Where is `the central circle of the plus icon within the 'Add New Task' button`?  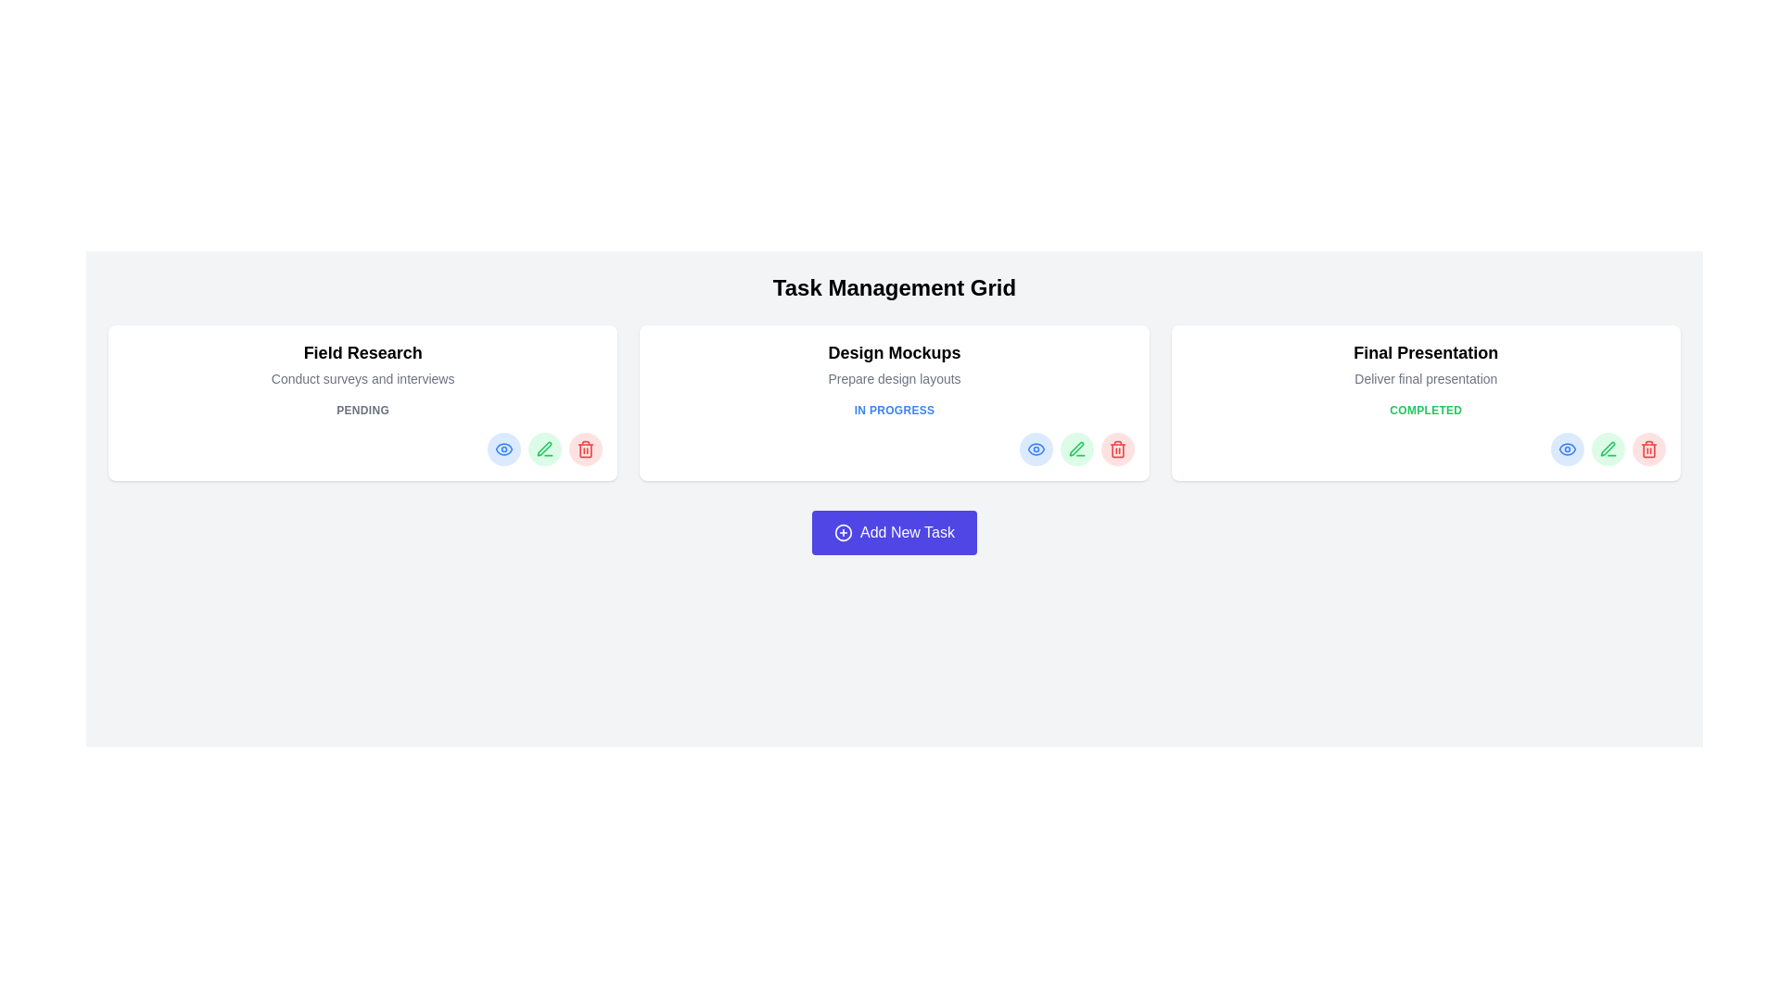 the central circle of the plus icon within the 'Add New Task' button is located at coordinates (843, 532).